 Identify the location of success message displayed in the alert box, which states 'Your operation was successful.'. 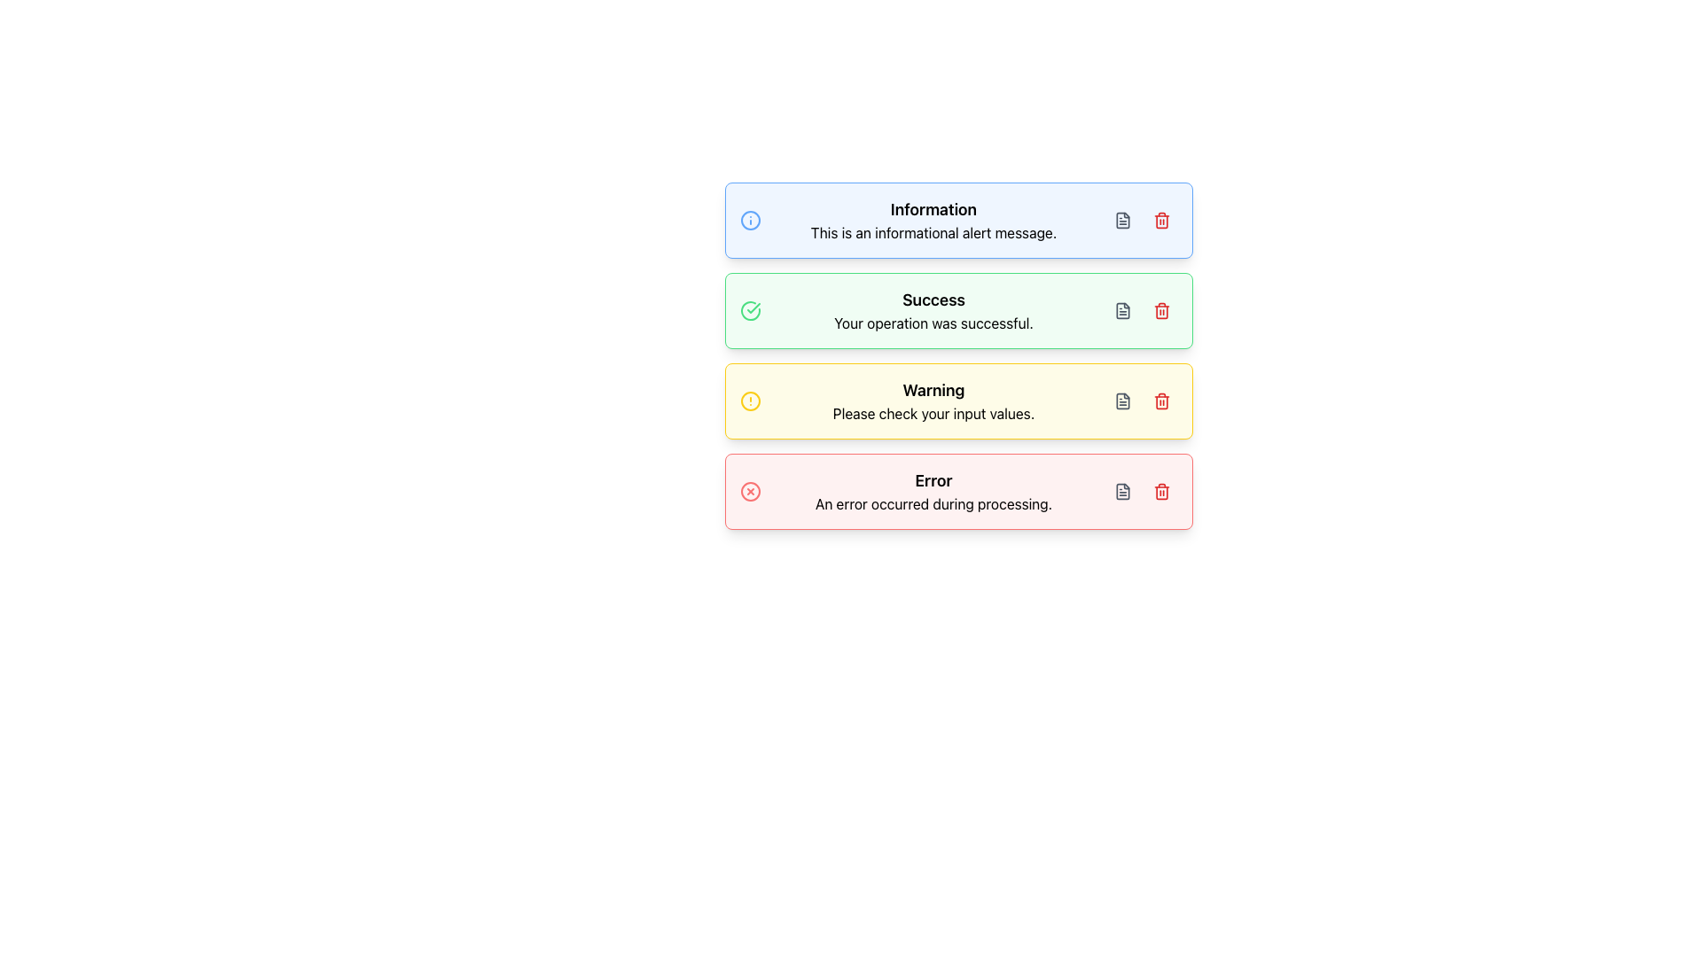
(933, 323).